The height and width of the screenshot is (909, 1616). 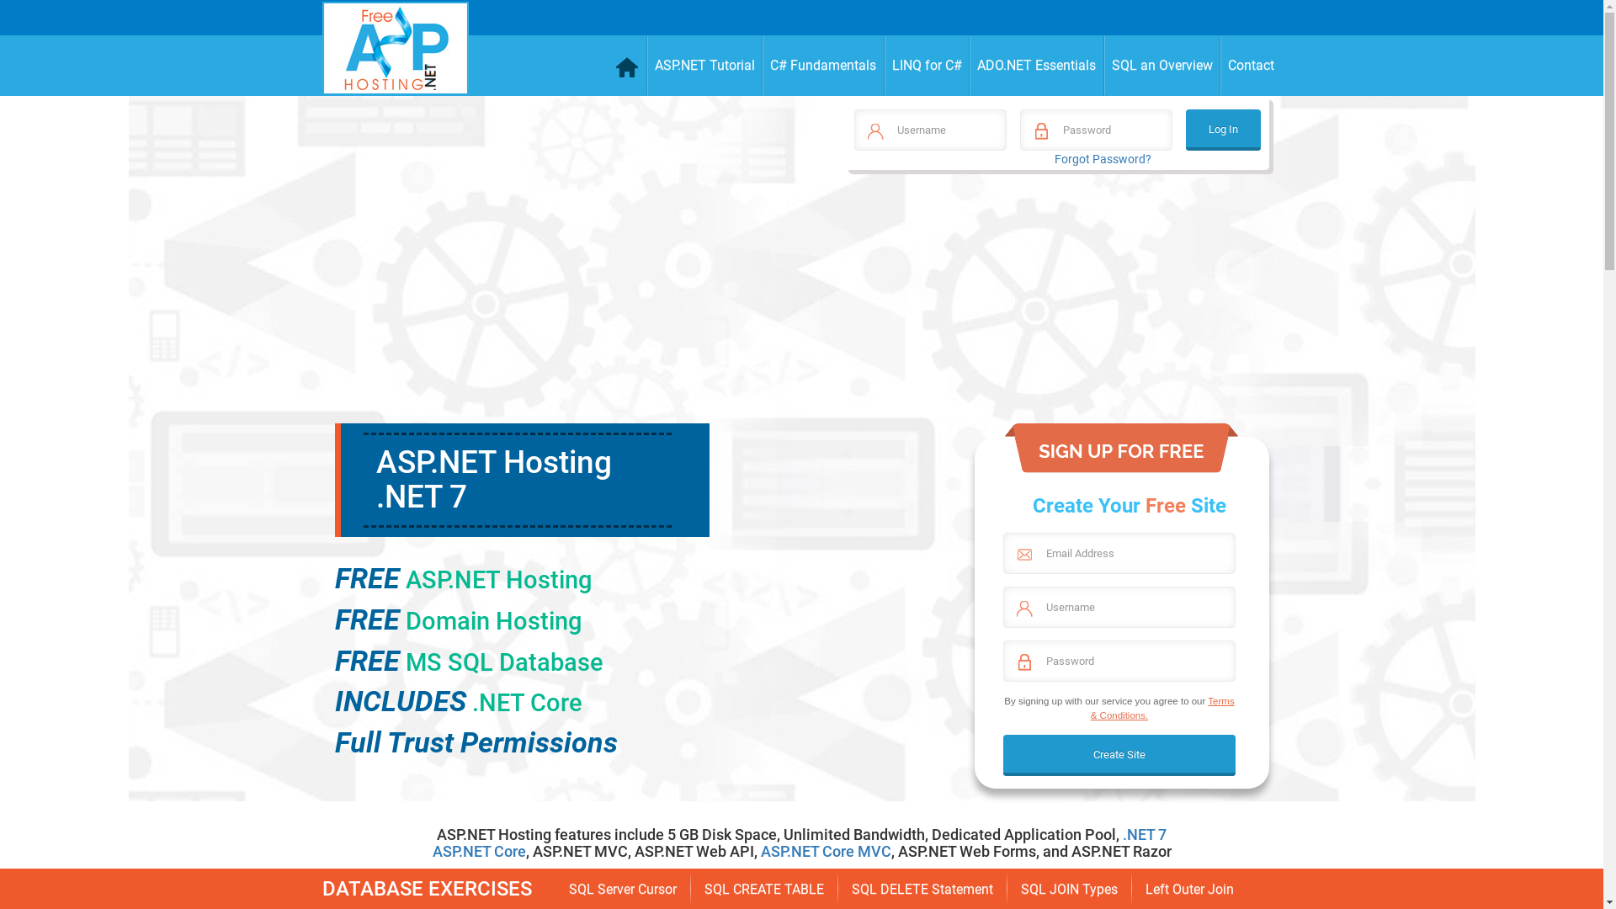 I want to click on 'C# Fundamentals', so click(x=762, y=64).